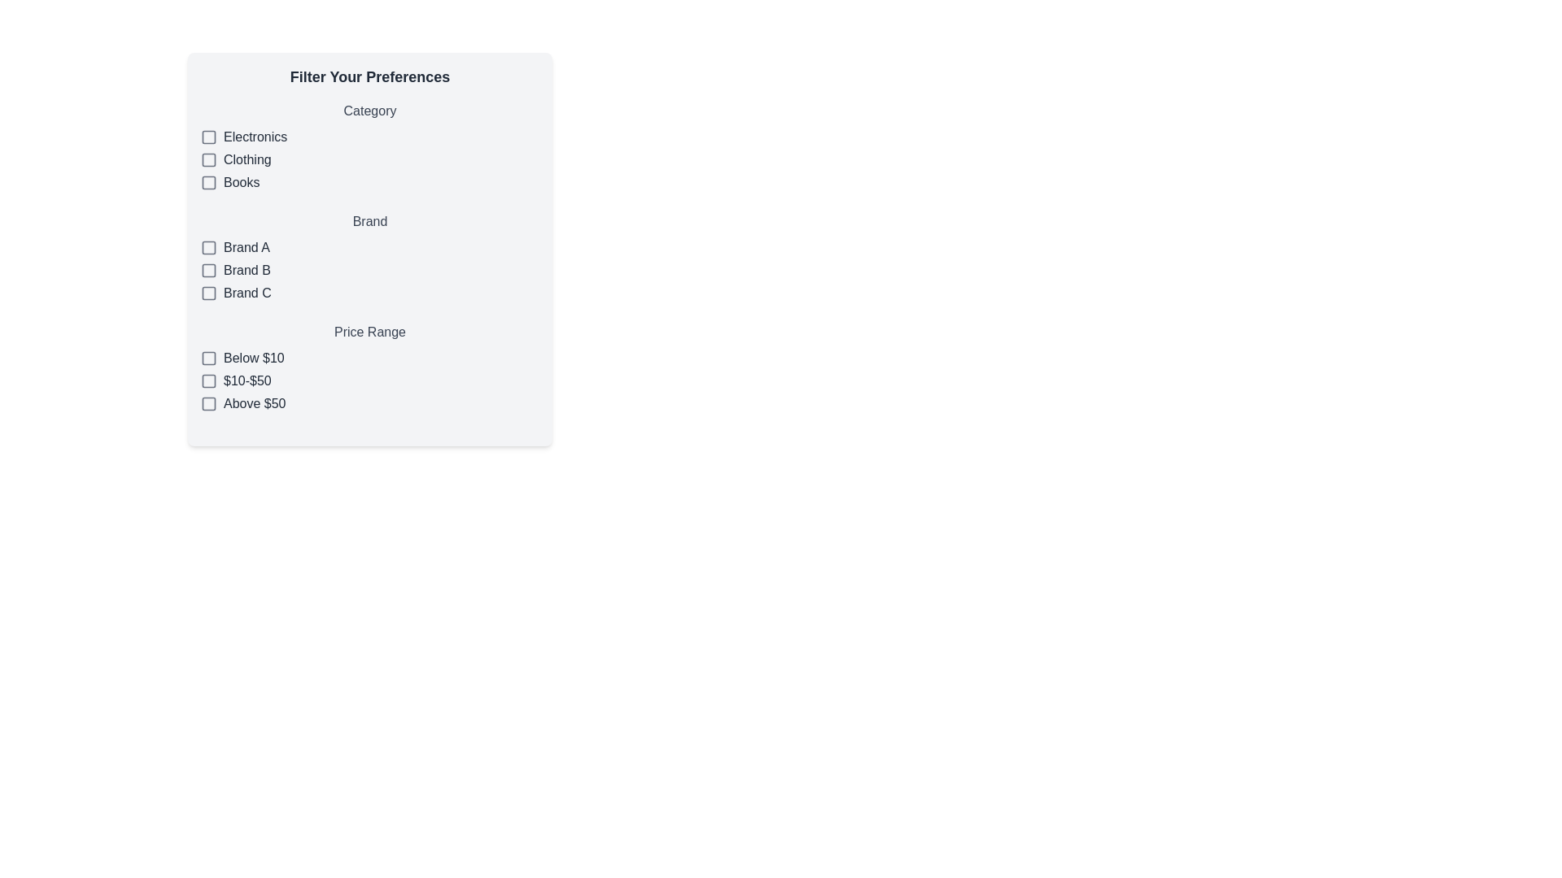 Image resolution: width=1562 pixels, height=878 pixels. Describe the element at coordinates (241, 182) in the screenshot. I see `text of the label displaying 'Books' in the filtering preferences panel, which is the third item in the Category section` at that location.